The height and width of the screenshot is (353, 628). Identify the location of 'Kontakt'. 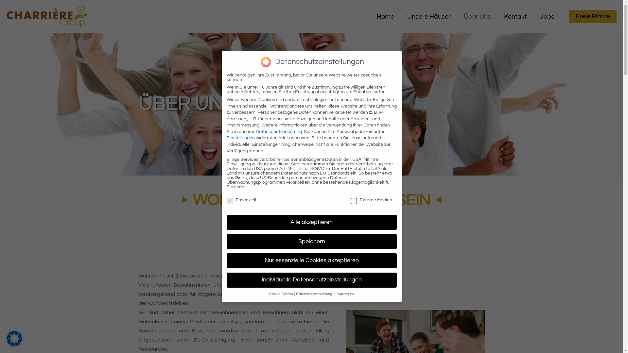
(515, 16).